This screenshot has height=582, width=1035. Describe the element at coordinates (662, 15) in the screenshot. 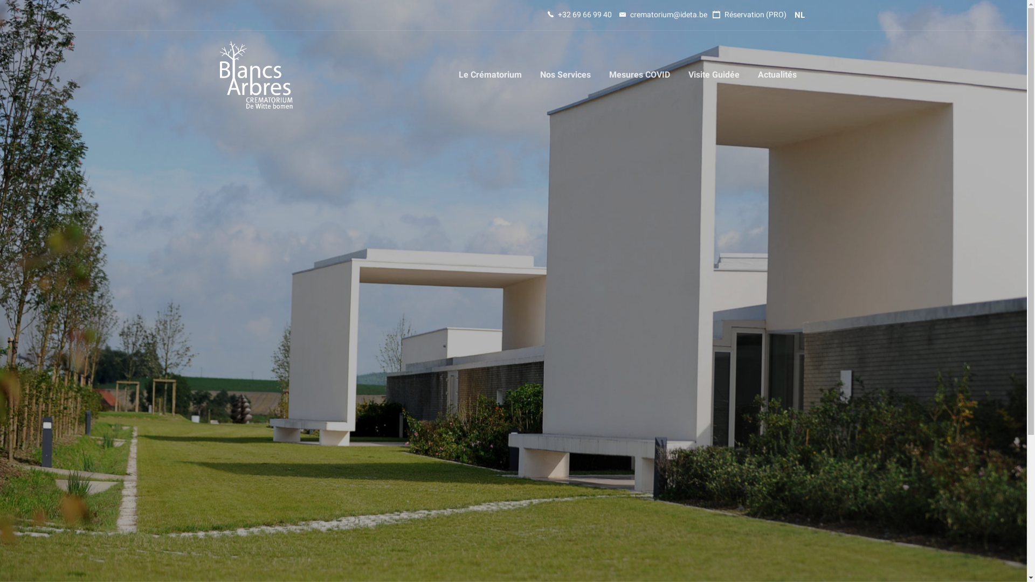

I see `'crematorium@ideta.be'` at that location.